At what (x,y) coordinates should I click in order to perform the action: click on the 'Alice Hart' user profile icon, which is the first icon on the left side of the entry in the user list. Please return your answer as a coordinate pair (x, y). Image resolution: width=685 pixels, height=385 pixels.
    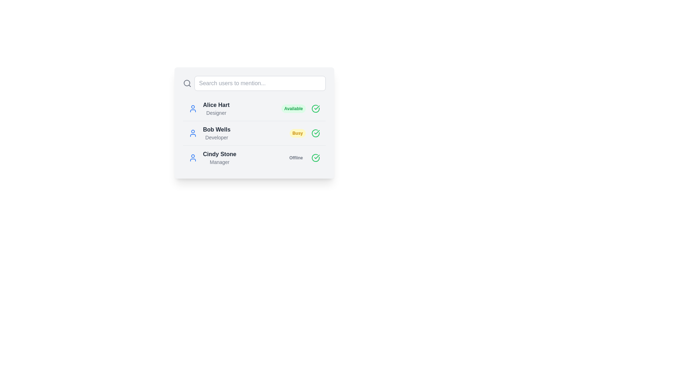
    Looking at the image, I should click on (193, 108).